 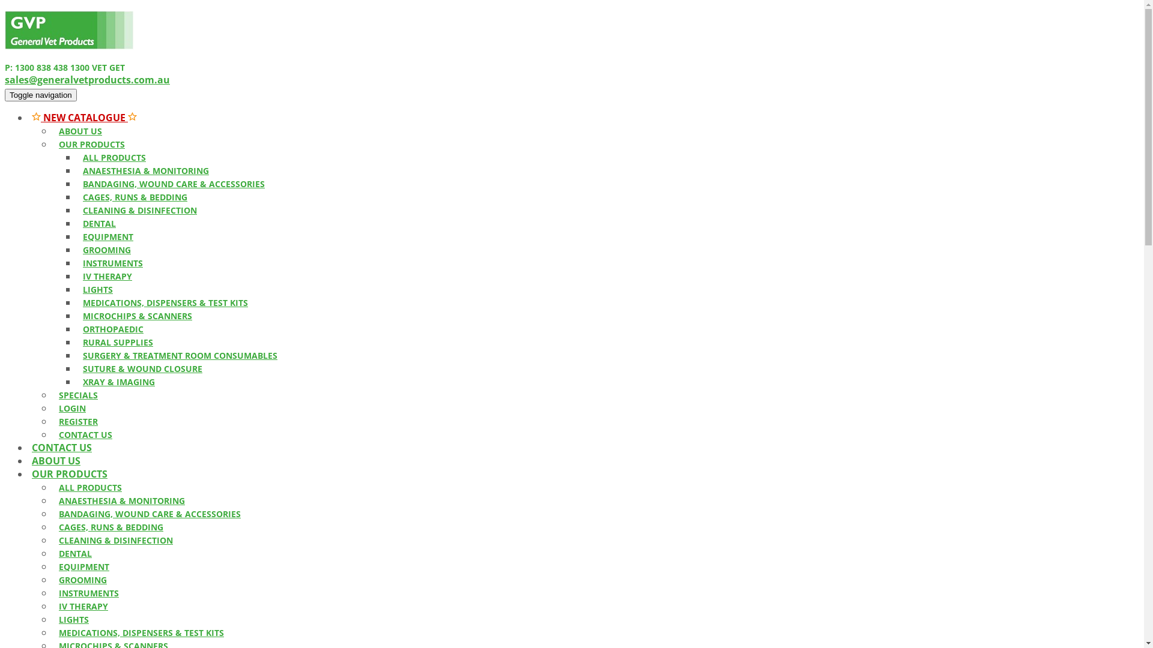 I want to click on 'SURGERY & TREATMENT ROOM CONSUMABLES', so click(x=179, y=355).